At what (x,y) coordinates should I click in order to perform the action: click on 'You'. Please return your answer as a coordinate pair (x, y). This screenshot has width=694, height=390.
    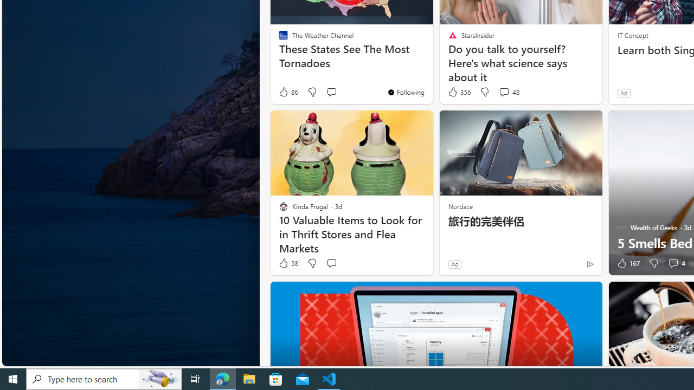
    Looking at the image, I should click on (405, 91).